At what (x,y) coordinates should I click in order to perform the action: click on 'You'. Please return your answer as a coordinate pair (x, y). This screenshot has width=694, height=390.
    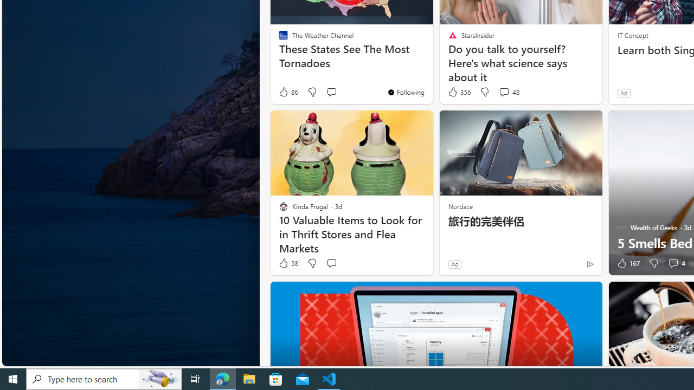
    Looking at the image, I should click on (405, 91).